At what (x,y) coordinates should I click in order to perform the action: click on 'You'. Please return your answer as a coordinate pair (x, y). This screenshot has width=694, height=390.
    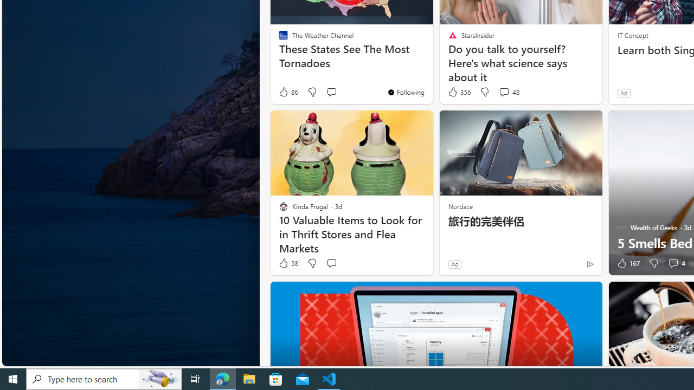
    Looking at the image, I should click on (405, 91).